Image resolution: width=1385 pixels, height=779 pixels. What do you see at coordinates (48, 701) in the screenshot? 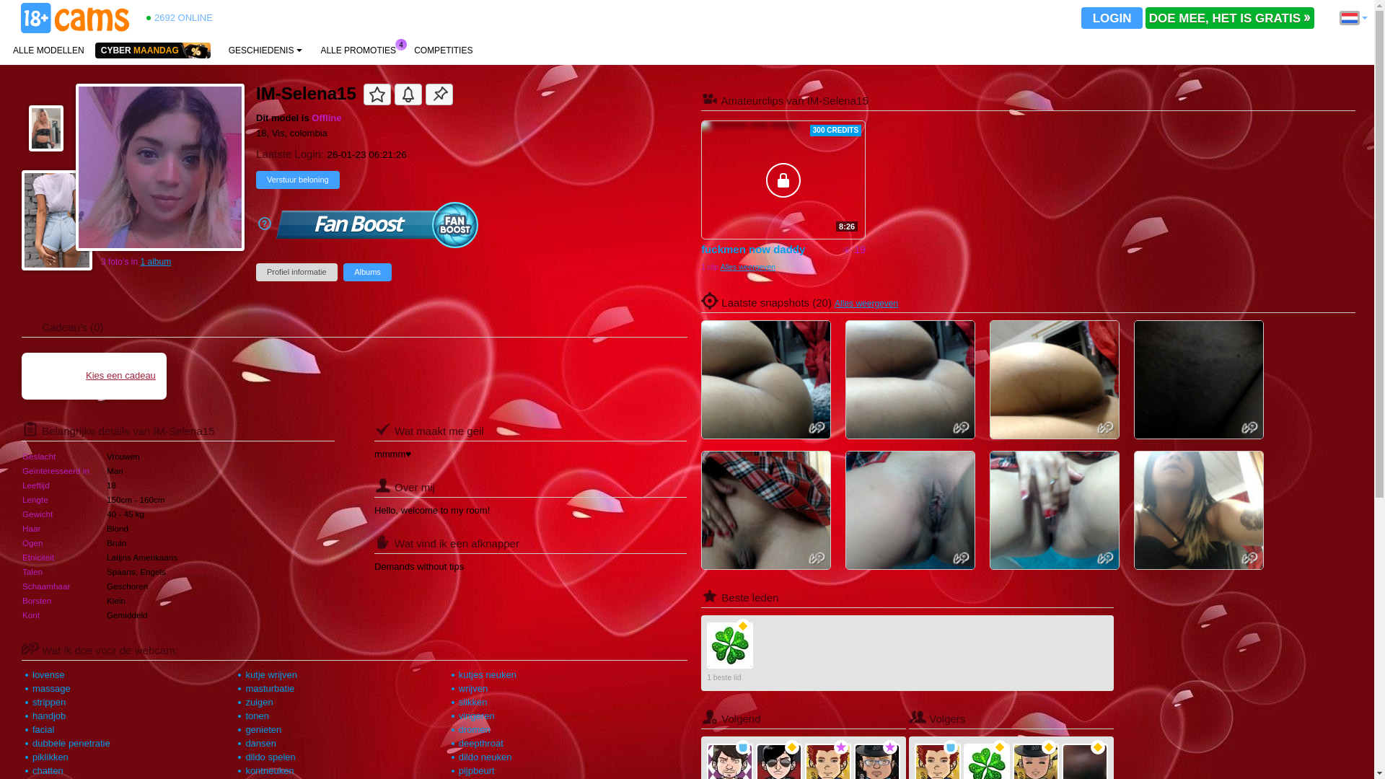
I see `'strippen'` at bounding box center [48, 701].